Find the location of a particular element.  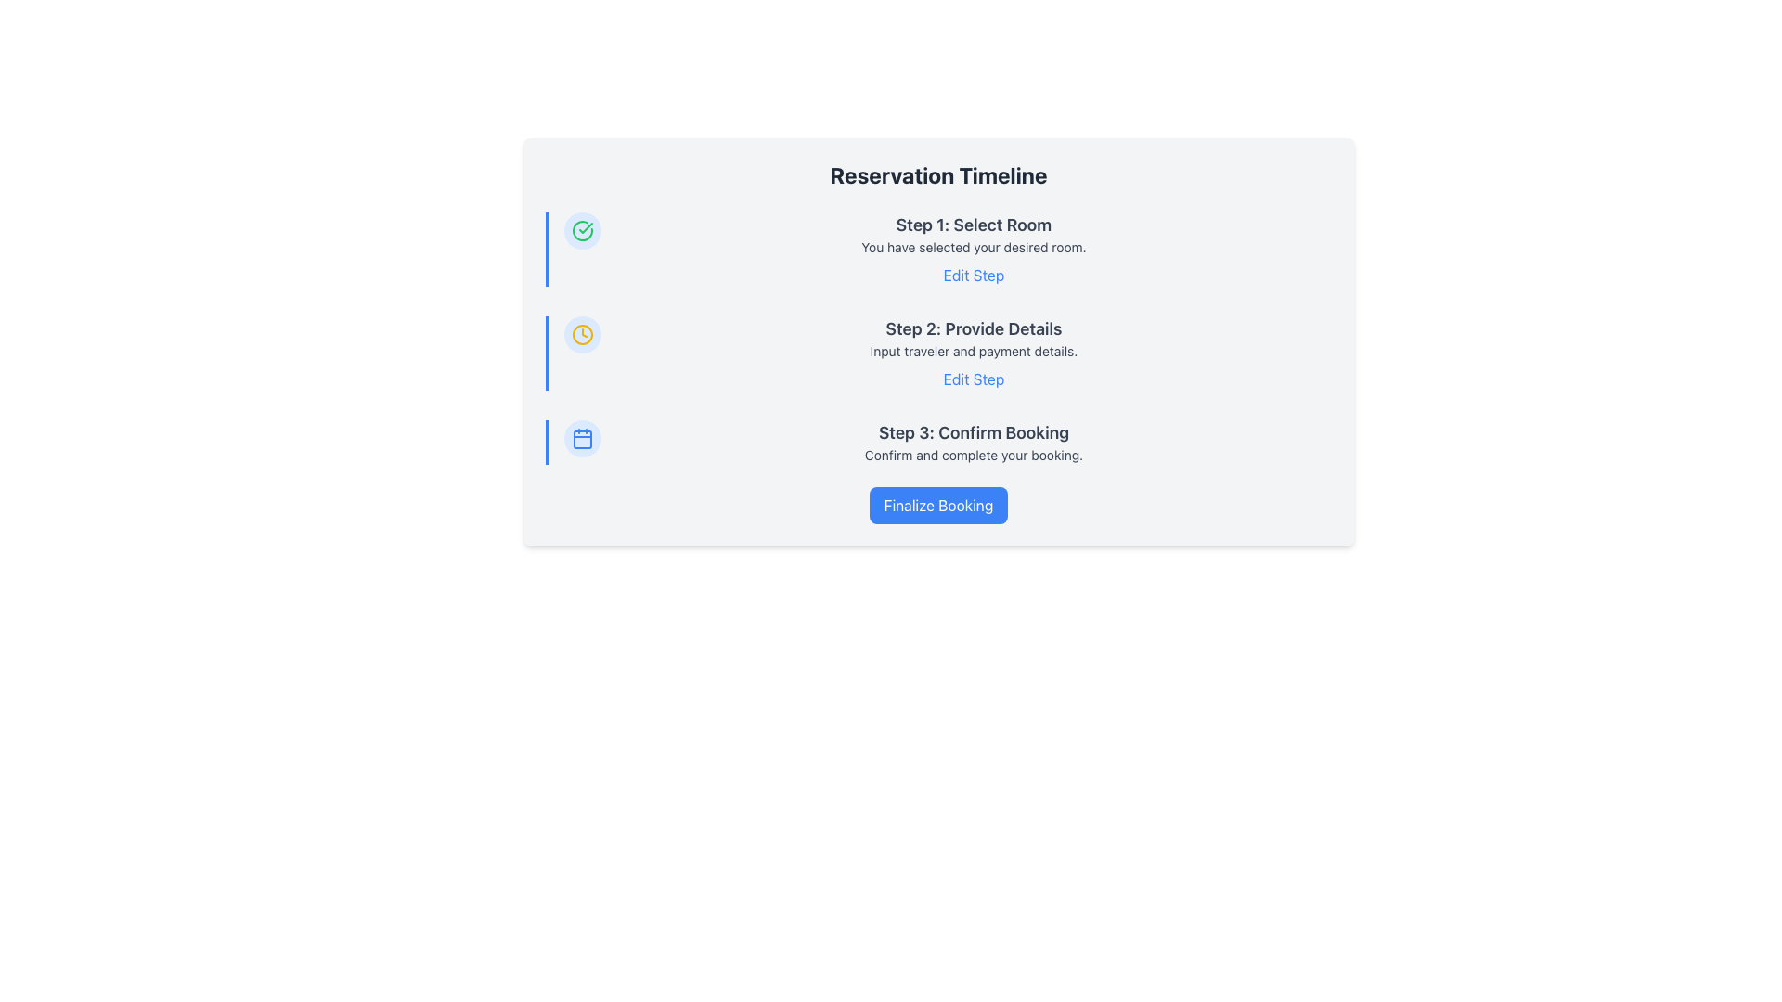

the controls adjacent to the 'Step 3: Confirm Booking' informational section to proceed with the booking process is located at coordinates (938, 443).